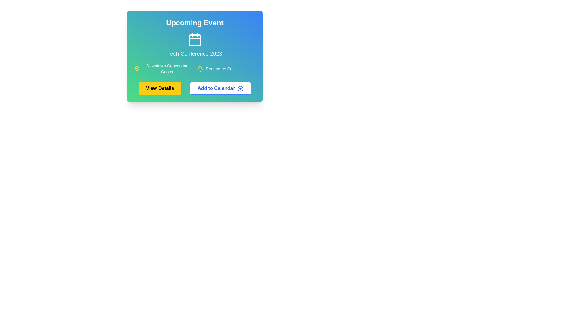 This screenshot has height=326, width=580. Describe the element at coordinates (226, 68) in the screenshot. I see `the reminders component which consists of a yellow bell icon and the text label 'Reminders Set' on a blue-green gradient background` at that location.